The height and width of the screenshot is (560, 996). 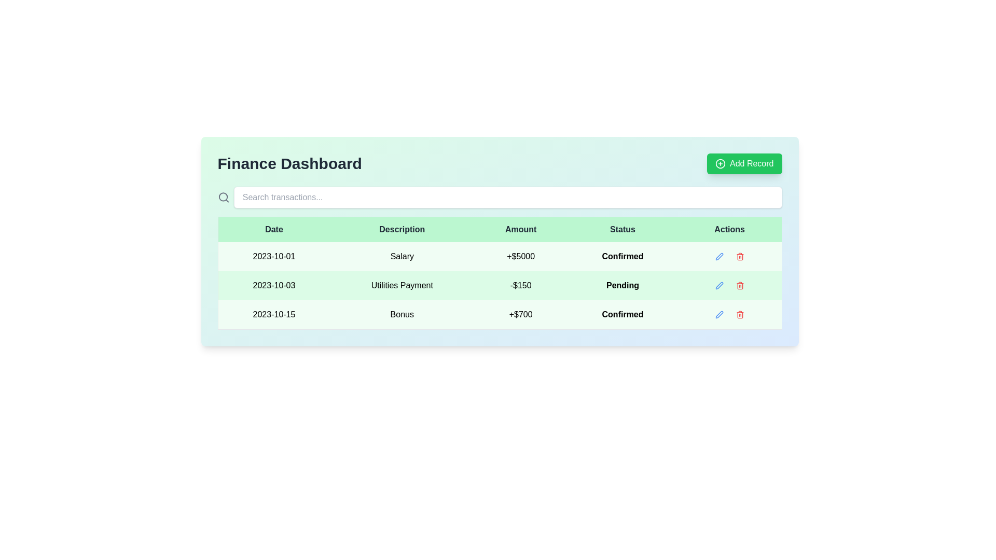 I want to click on the 'Utilities Payment' text label located in the second row of the transaction table, under the 'Description' column, between '2023-10-03' and '-$150', so click(x=402, y=286).